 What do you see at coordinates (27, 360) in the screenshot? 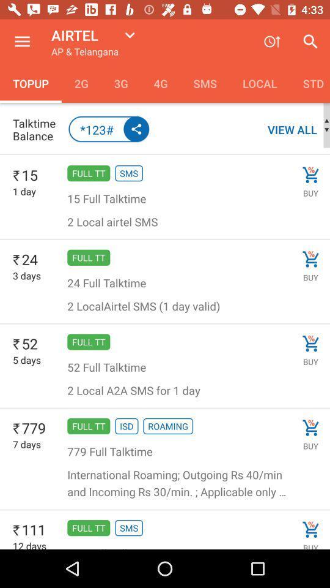
I see `the icon next to the full tt item` at bounding box center [27, 360].